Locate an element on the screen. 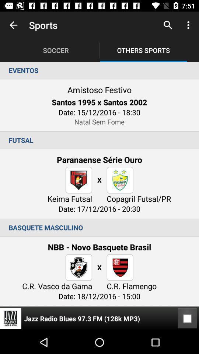 The image size is (199, 354). the icon at the bottom right corner is located at coordinates (187, 318).